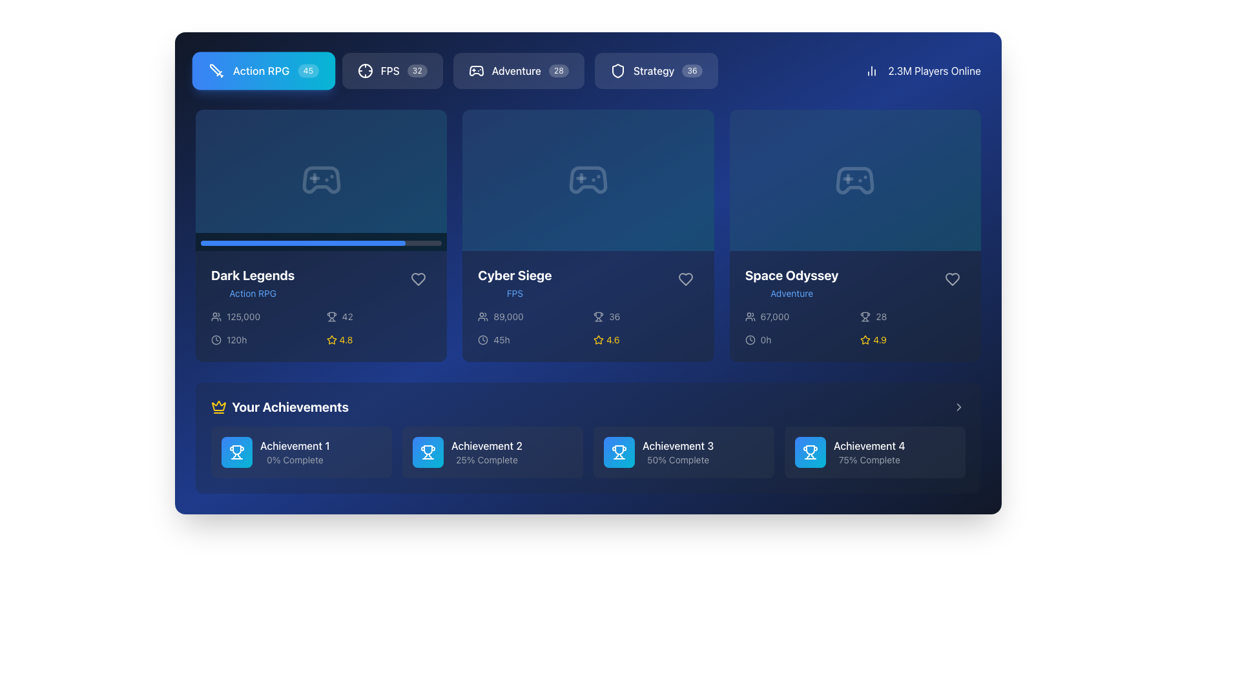  I want to click on the Textual display block that informs the user about specific progress on the specified achievement, located in the 'Your Achievements' section as the first item on the left, so click(294, 452).